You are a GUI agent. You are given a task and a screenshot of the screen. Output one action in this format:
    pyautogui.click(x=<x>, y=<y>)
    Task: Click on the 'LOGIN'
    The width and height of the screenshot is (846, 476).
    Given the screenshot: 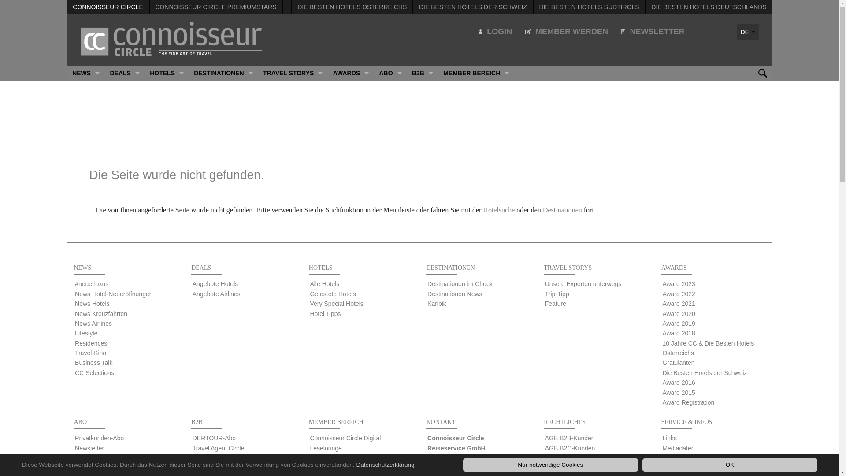 What is the action you would take?
    pyautogui.click(x=495, y=31)
    